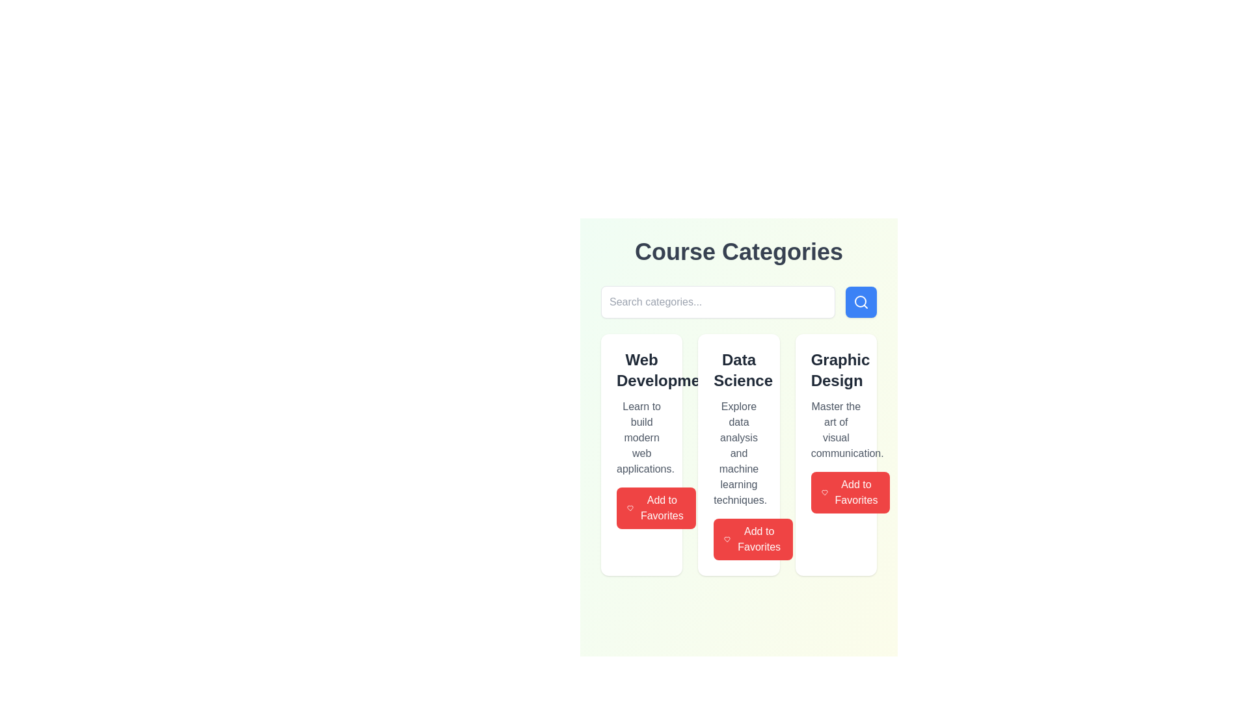 Image resolution: width=1249 pixels, height=702 pixels. I want to click on the SVG icon located inside the 'Add to Favorites' button in the 'Graphic Design' column, which serves as a visual indicator for adding an item to a favorites list, so click(727, 539).